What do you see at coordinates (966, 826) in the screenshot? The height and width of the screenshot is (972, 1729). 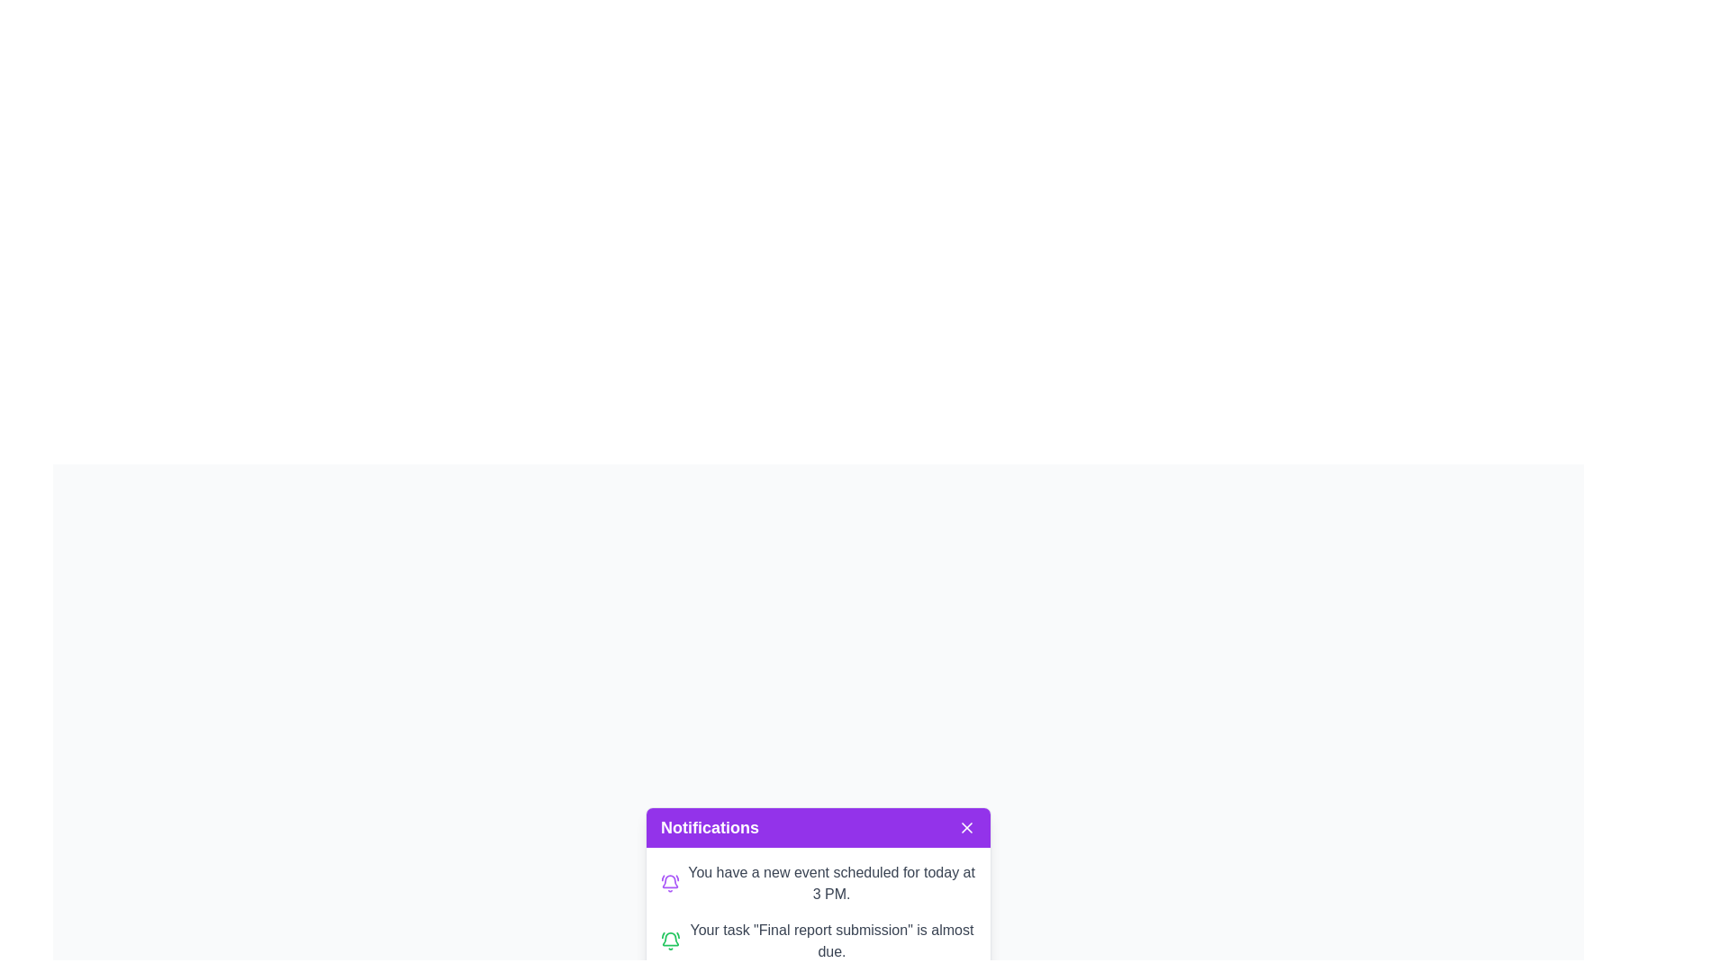 I see `the Close button icon located in the top-right corner of the purple notification header` at bounding box center [966, 826].